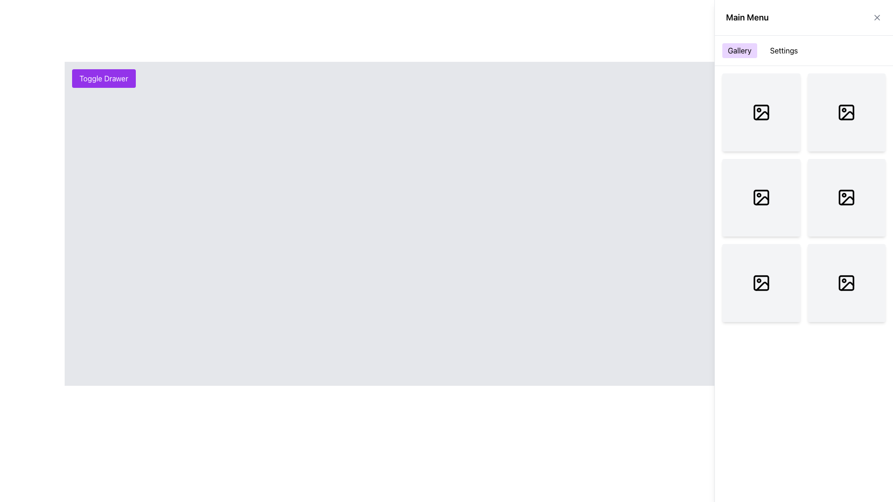  Describe the element at coordinates (762, 200) in the screenshot. I see `the landscape thumbnail icon located in the second row and second column under the 'Gallery' tab in the side panel` at that location.